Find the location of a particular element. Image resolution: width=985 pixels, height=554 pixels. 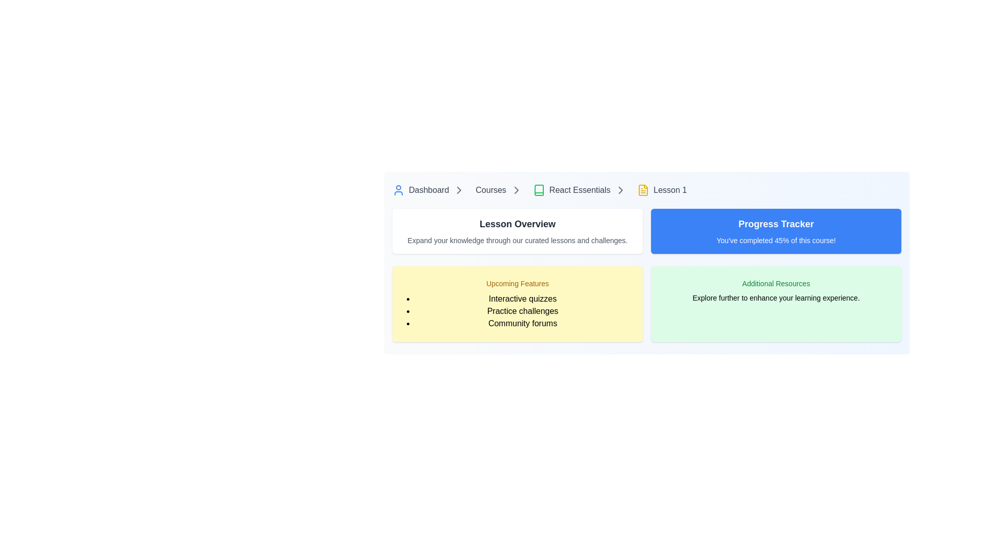

the first link in the breadcrumb navigation is located at coordinates (431, 190).